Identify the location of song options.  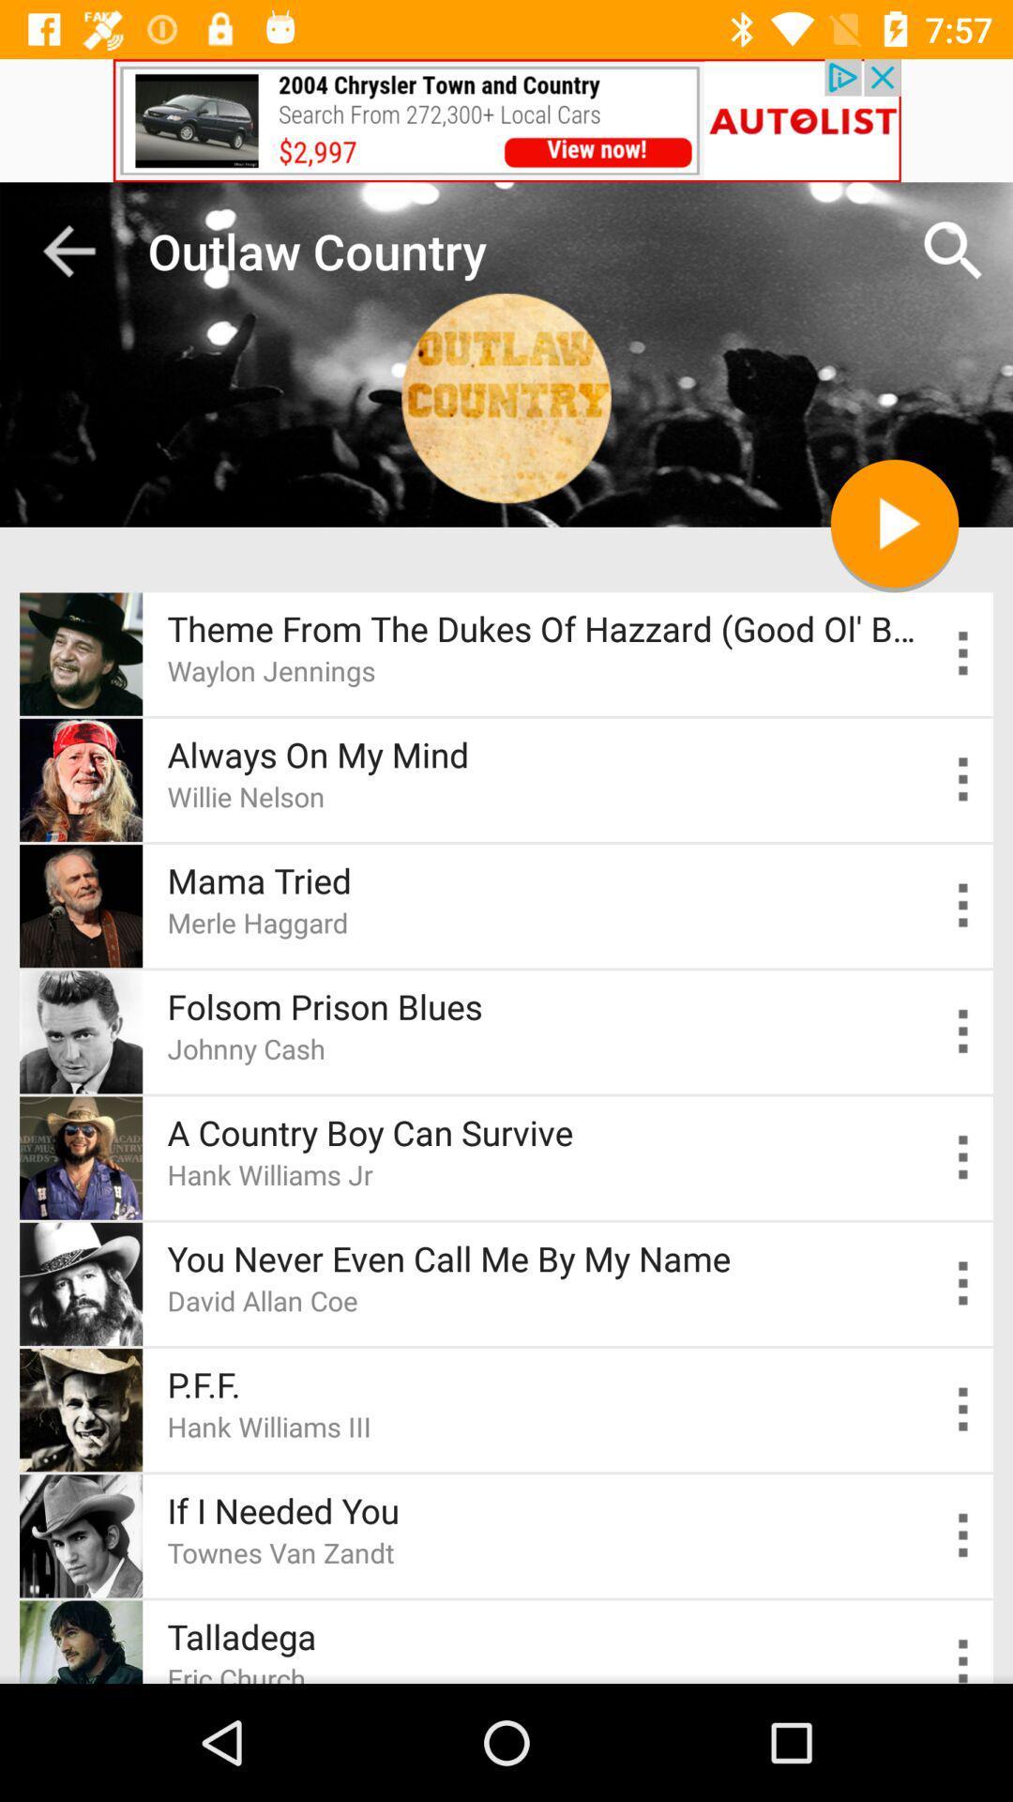
(963, 779).